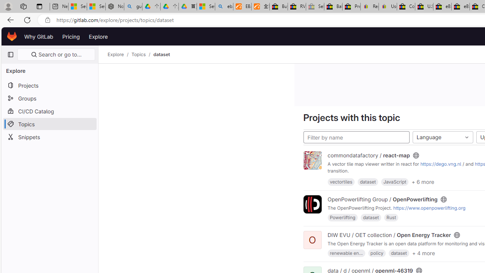 This screenshot has width=485, height=273. I want to click on 'O', so click(312, 240).